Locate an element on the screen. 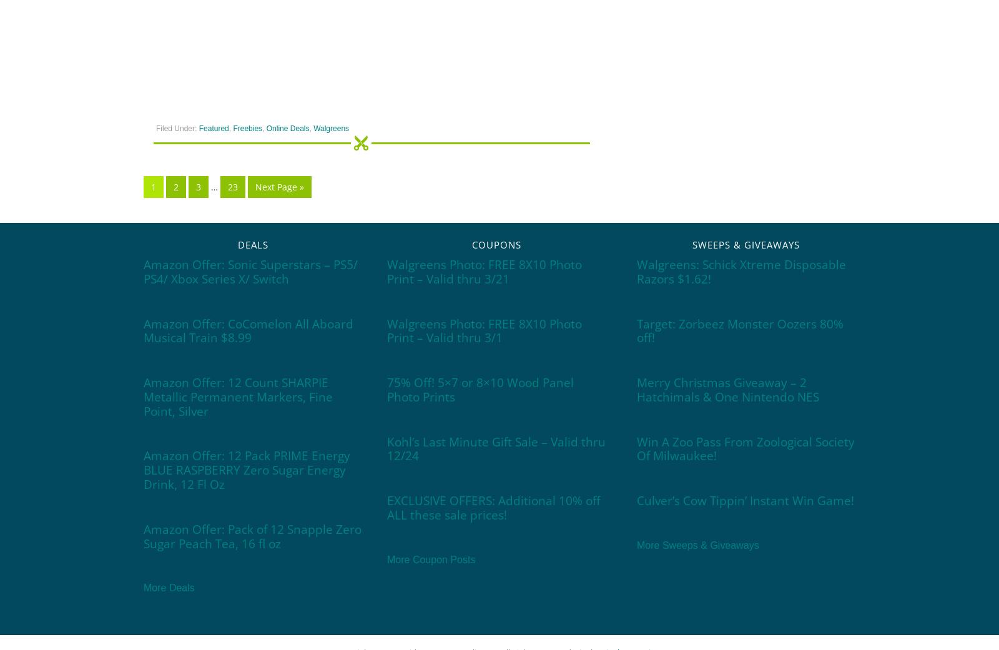 Image resolution: width=999 pixels, height=650 pixels. 'Win A Zoo Pass From Zoological Society Of Milwaukee!' is located at coordinates (746, 448).